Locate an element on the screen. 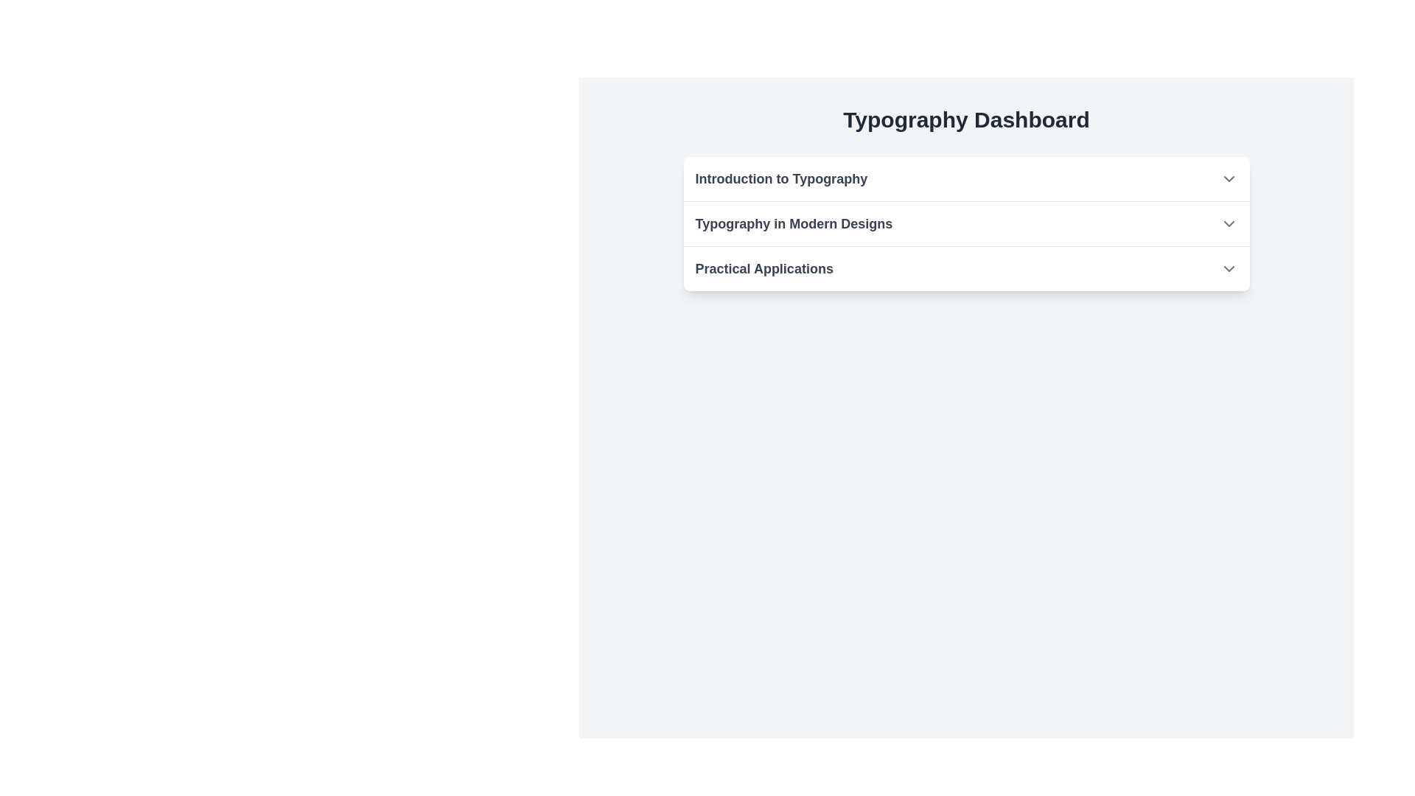 This screenshot has width=1415, height=796. the clickable list item displaying 'Typography in Modern Designs', which is the second item in a vertical list structure is located at coordinates (966, 224).